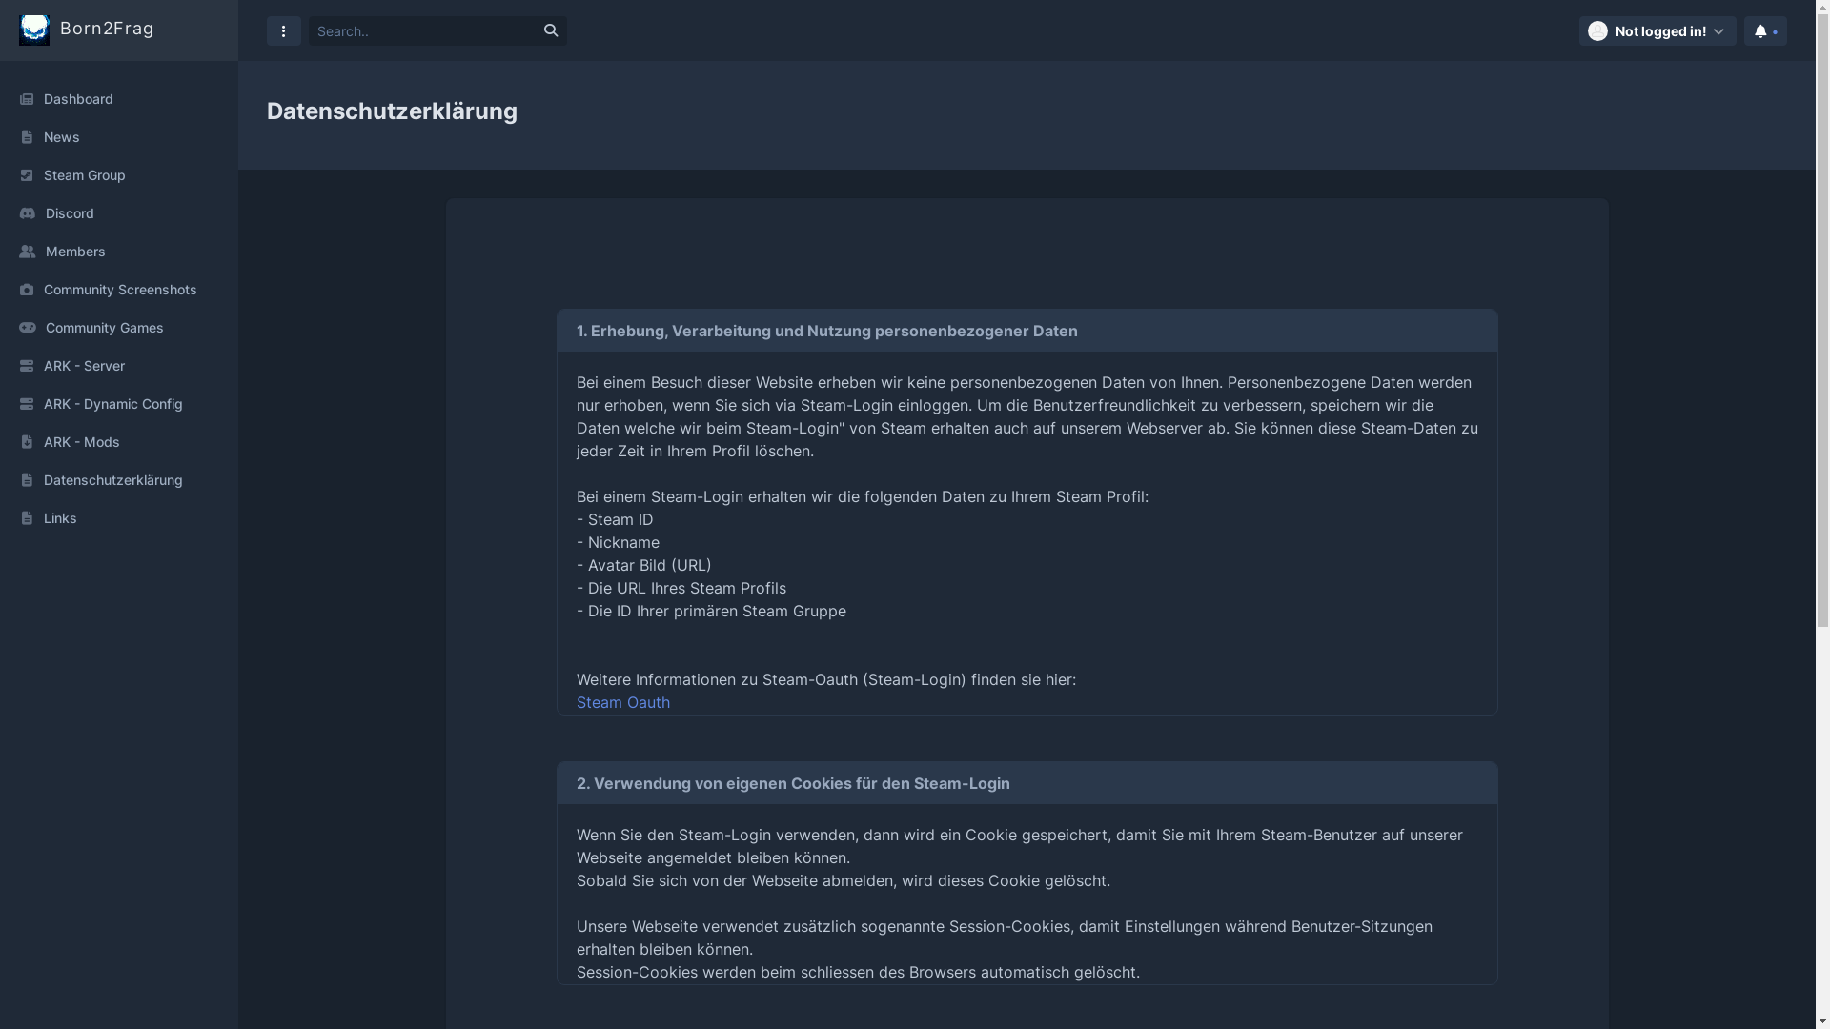 The height and width of the screenshot is (1029, 1830). Describe the element at coordinates (117, 326) in the screenshot. I see `'Community Games'` at that location.